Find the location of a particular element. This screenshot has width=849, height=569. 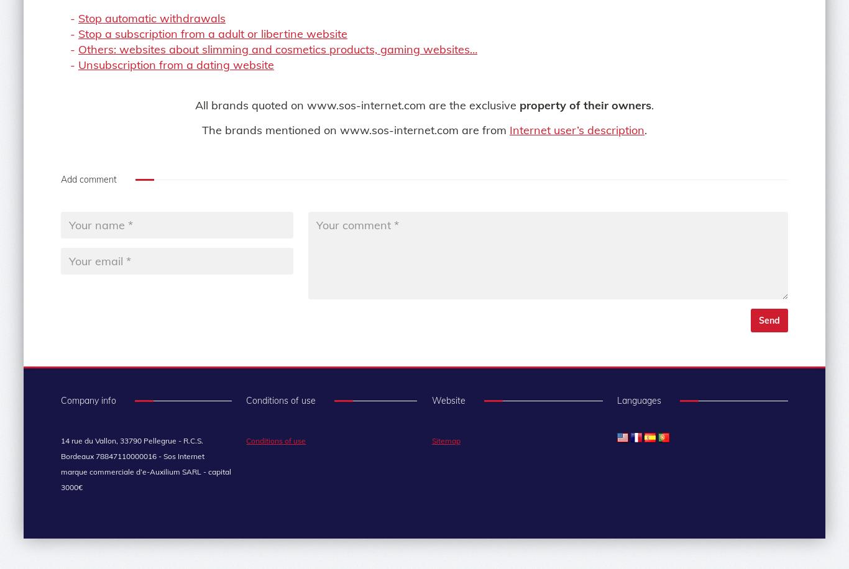

'The brands mentioned on www.sos-internet.com are from' is located at coordinates (355, 129).